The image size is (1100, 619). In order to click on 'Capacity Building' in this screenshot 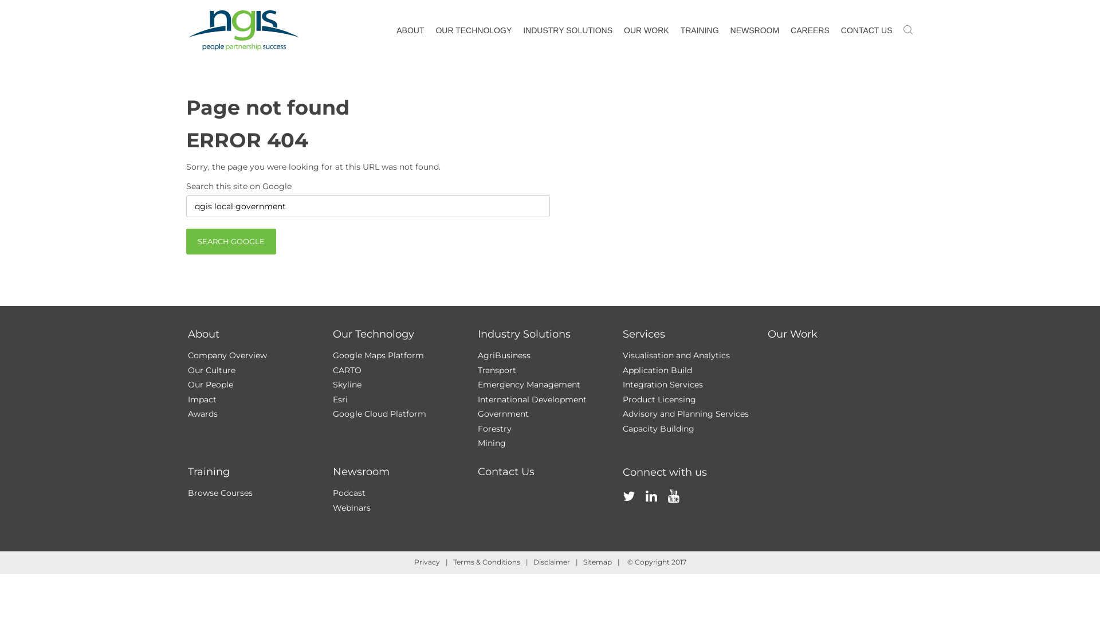, I will do `click(658, 428)`.